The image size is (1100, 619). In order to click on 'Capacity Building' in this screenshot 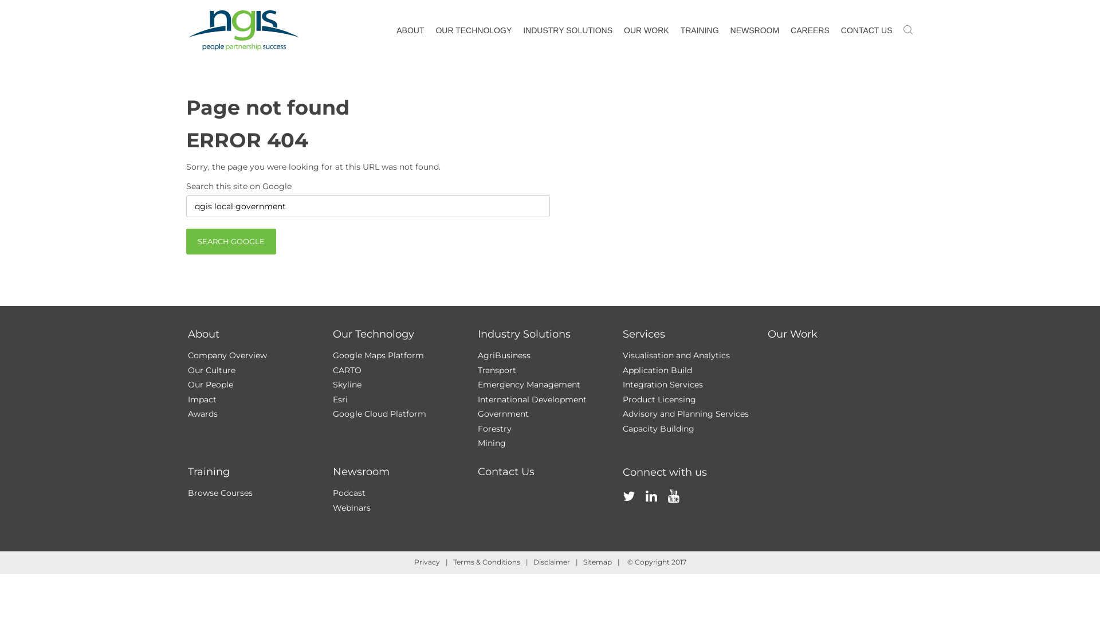, I will do `click(658, 428)`.